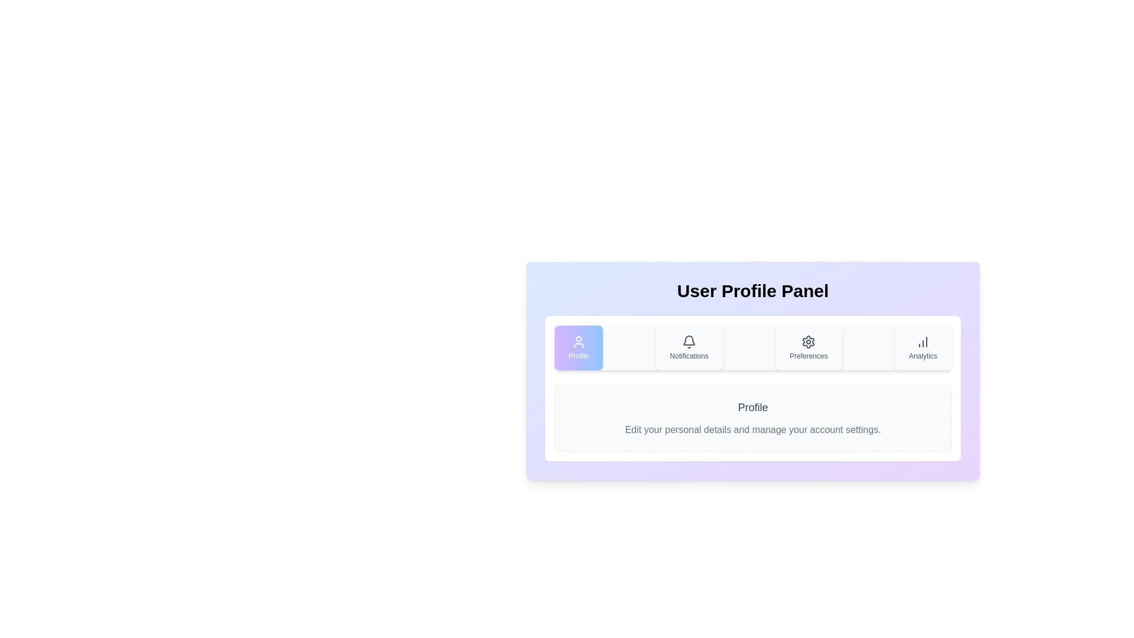 This screenshot has height=638, width=1134. What do you see at coordinates (807, 347) in the screenshot?
I see `the Preferences tab by clicking its navigation button` at bounding box center [807, 347].